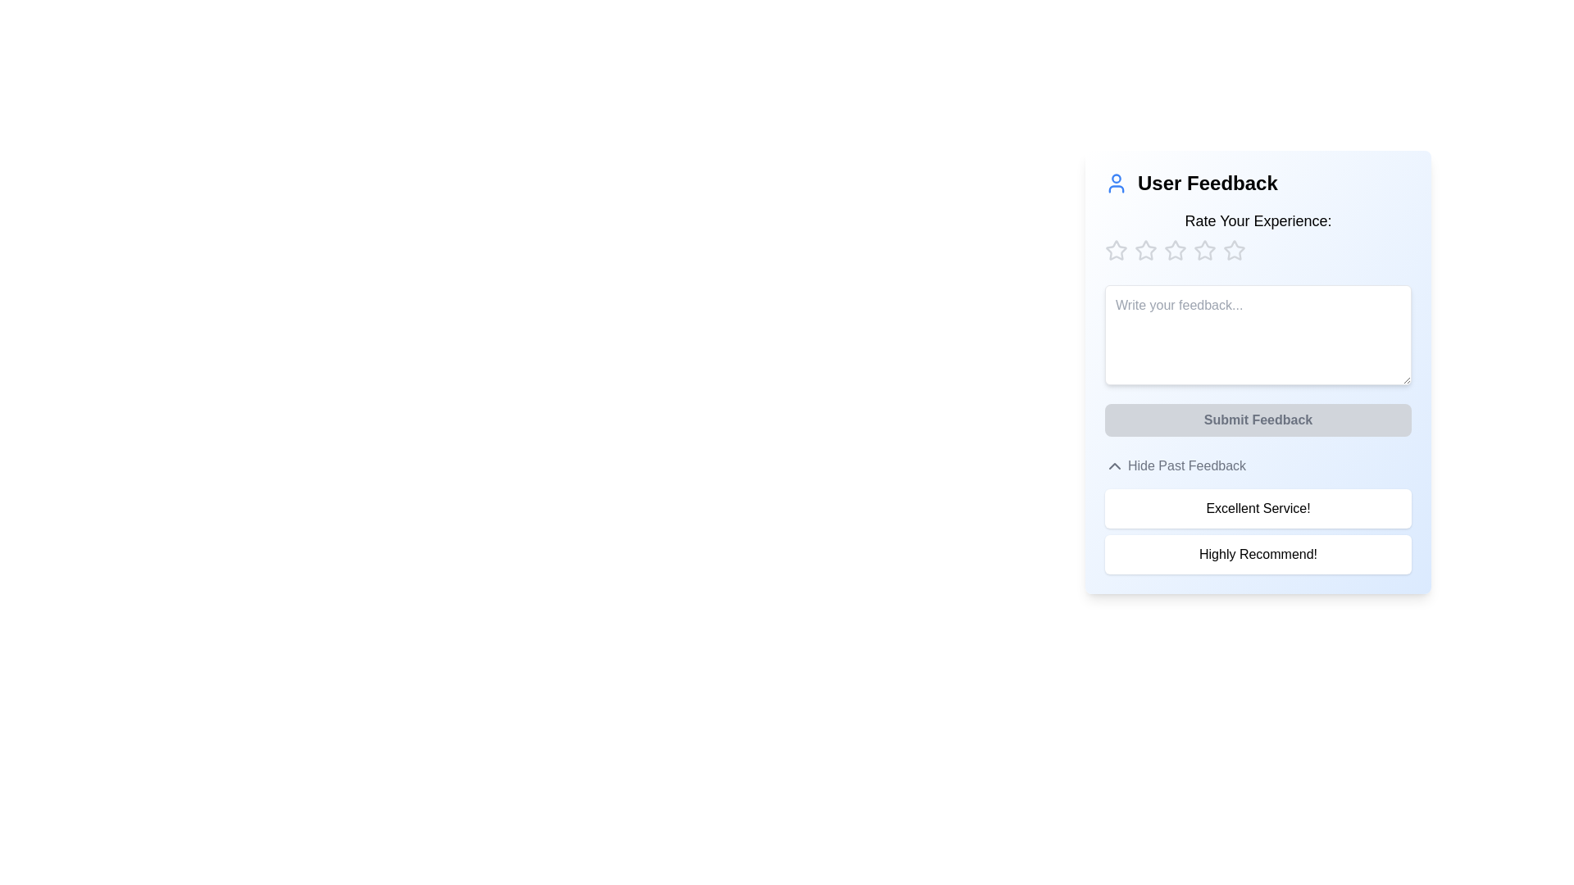  I want to click on the third star in the 'Rate Your Experience' section, so click(1204, 250).